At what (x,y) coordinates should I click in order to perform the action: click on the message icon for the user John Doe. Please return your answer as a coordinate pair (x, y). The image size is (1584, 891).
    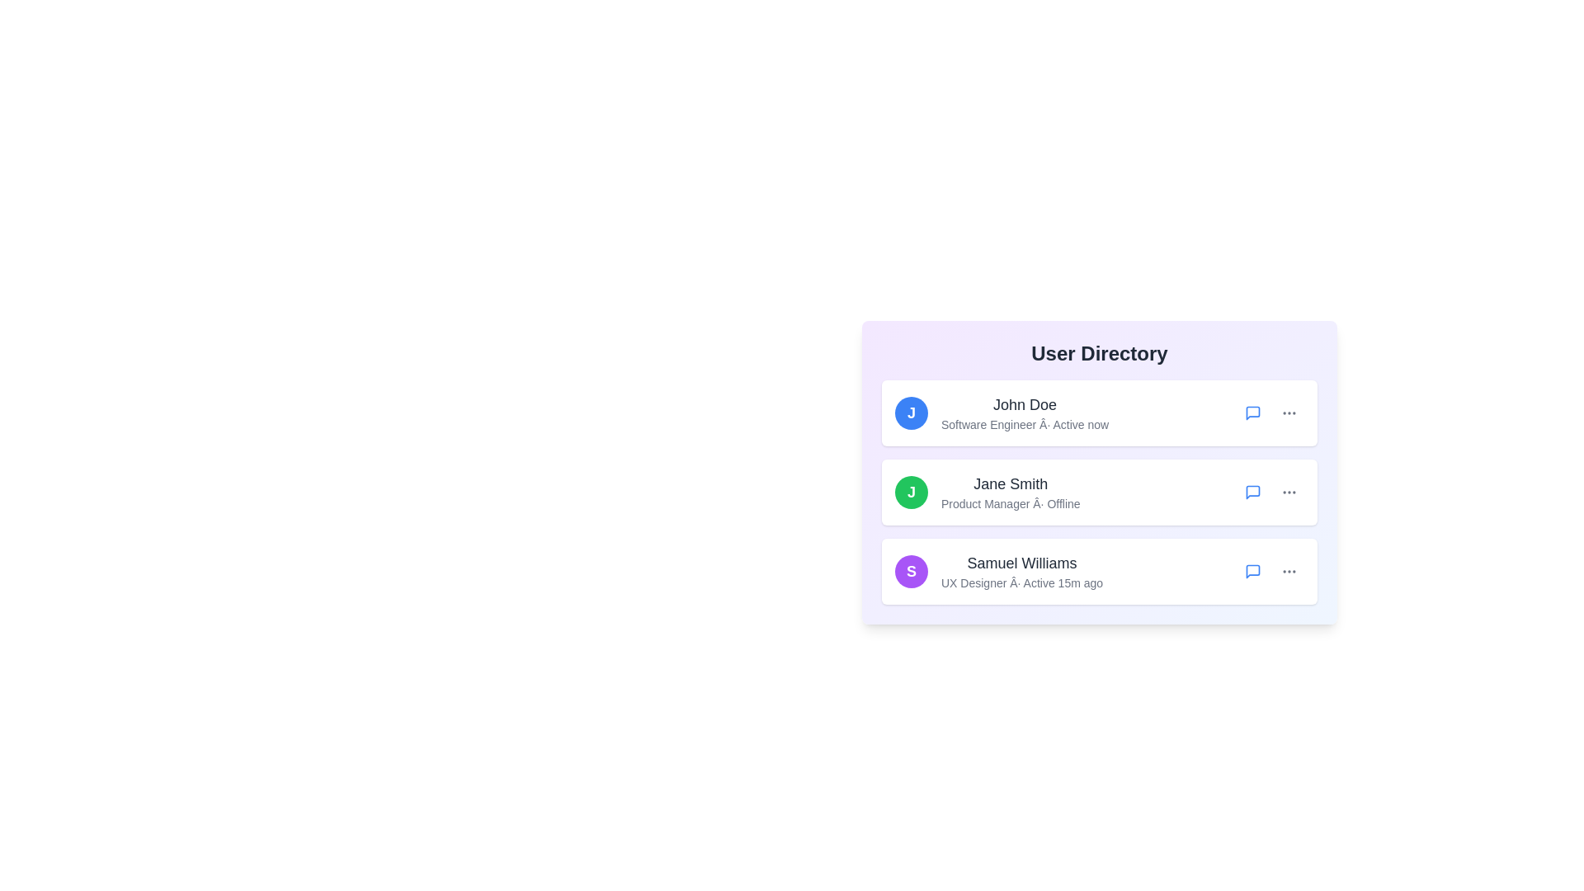
    Looking at the image, I should click on (1252, 412).